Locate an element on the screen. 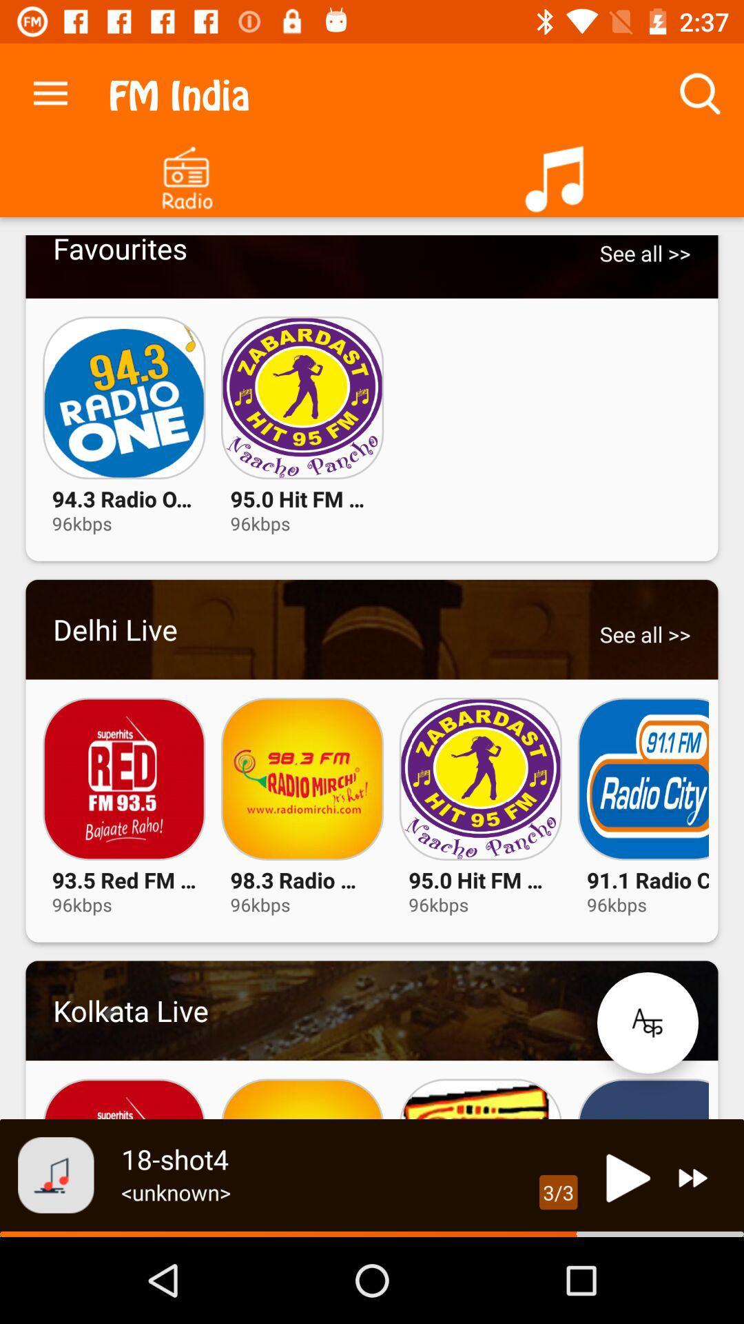  kolkata live is located at coordinates (372, 1010).